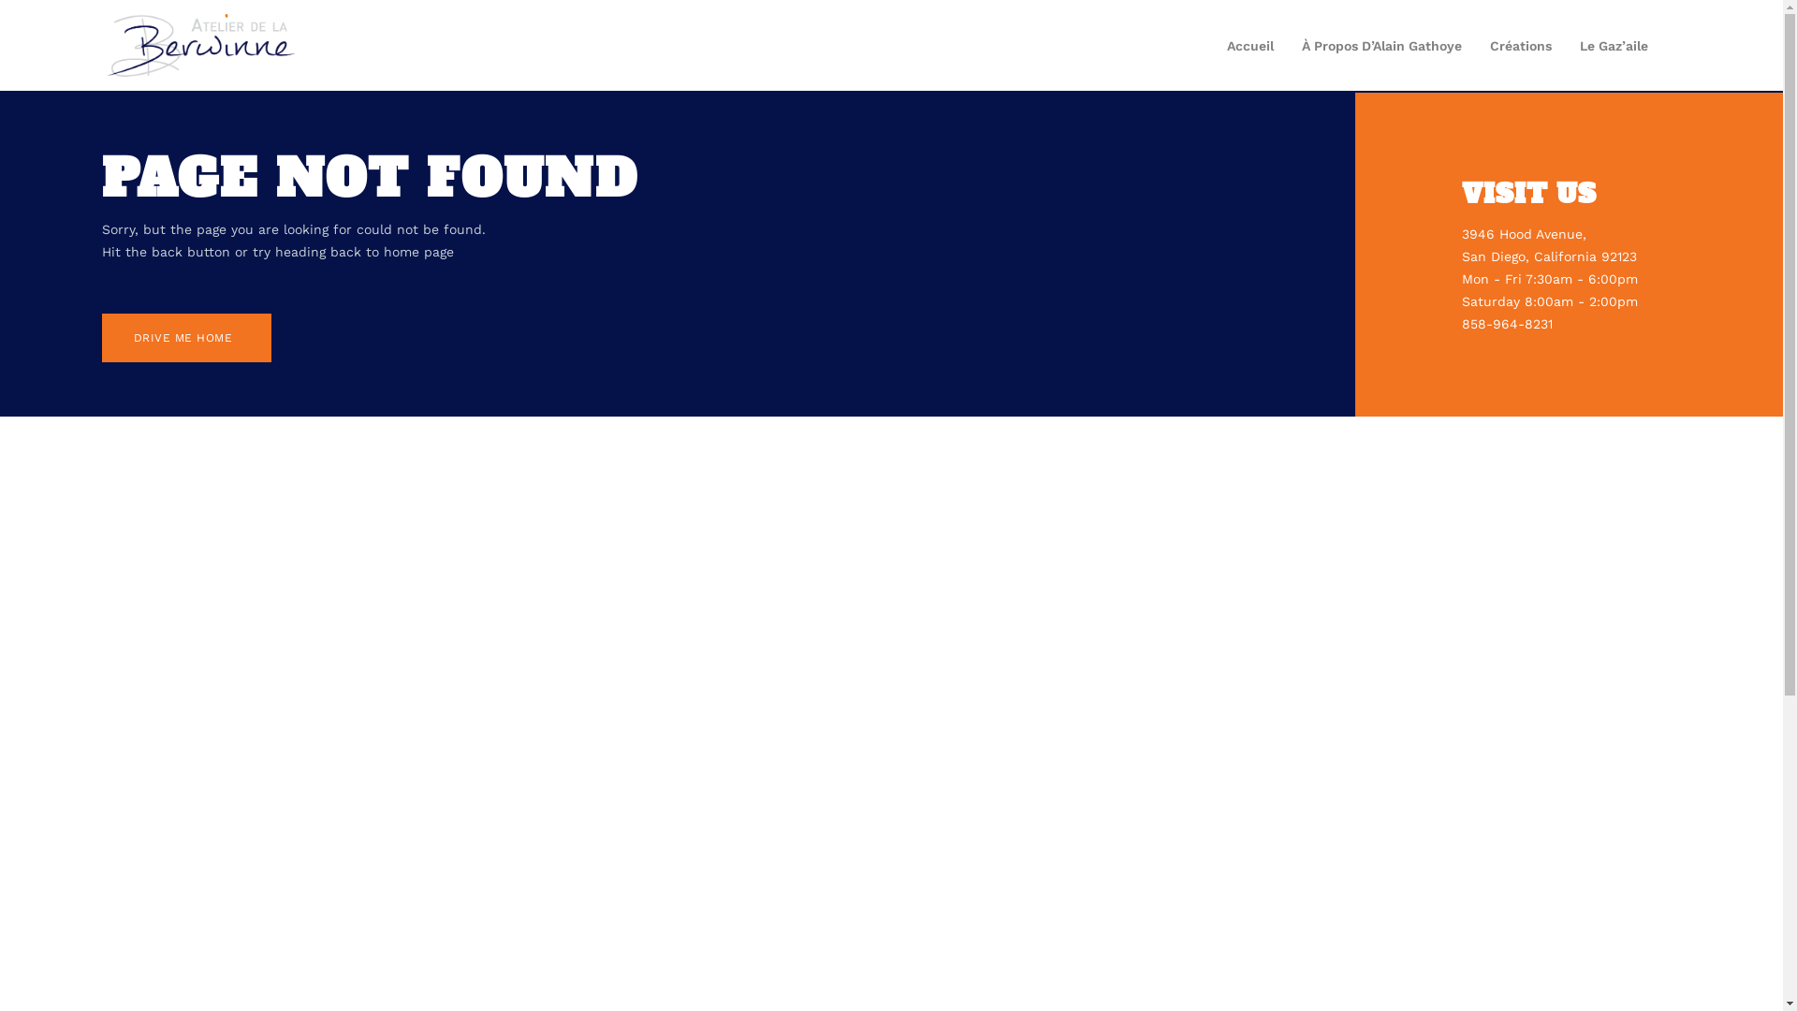 This screenshot has width=1797, height=1011. Describe the element at coordinates (187, 338) in the screenshot. I see `'DRIVE ME HOME'` at that location.